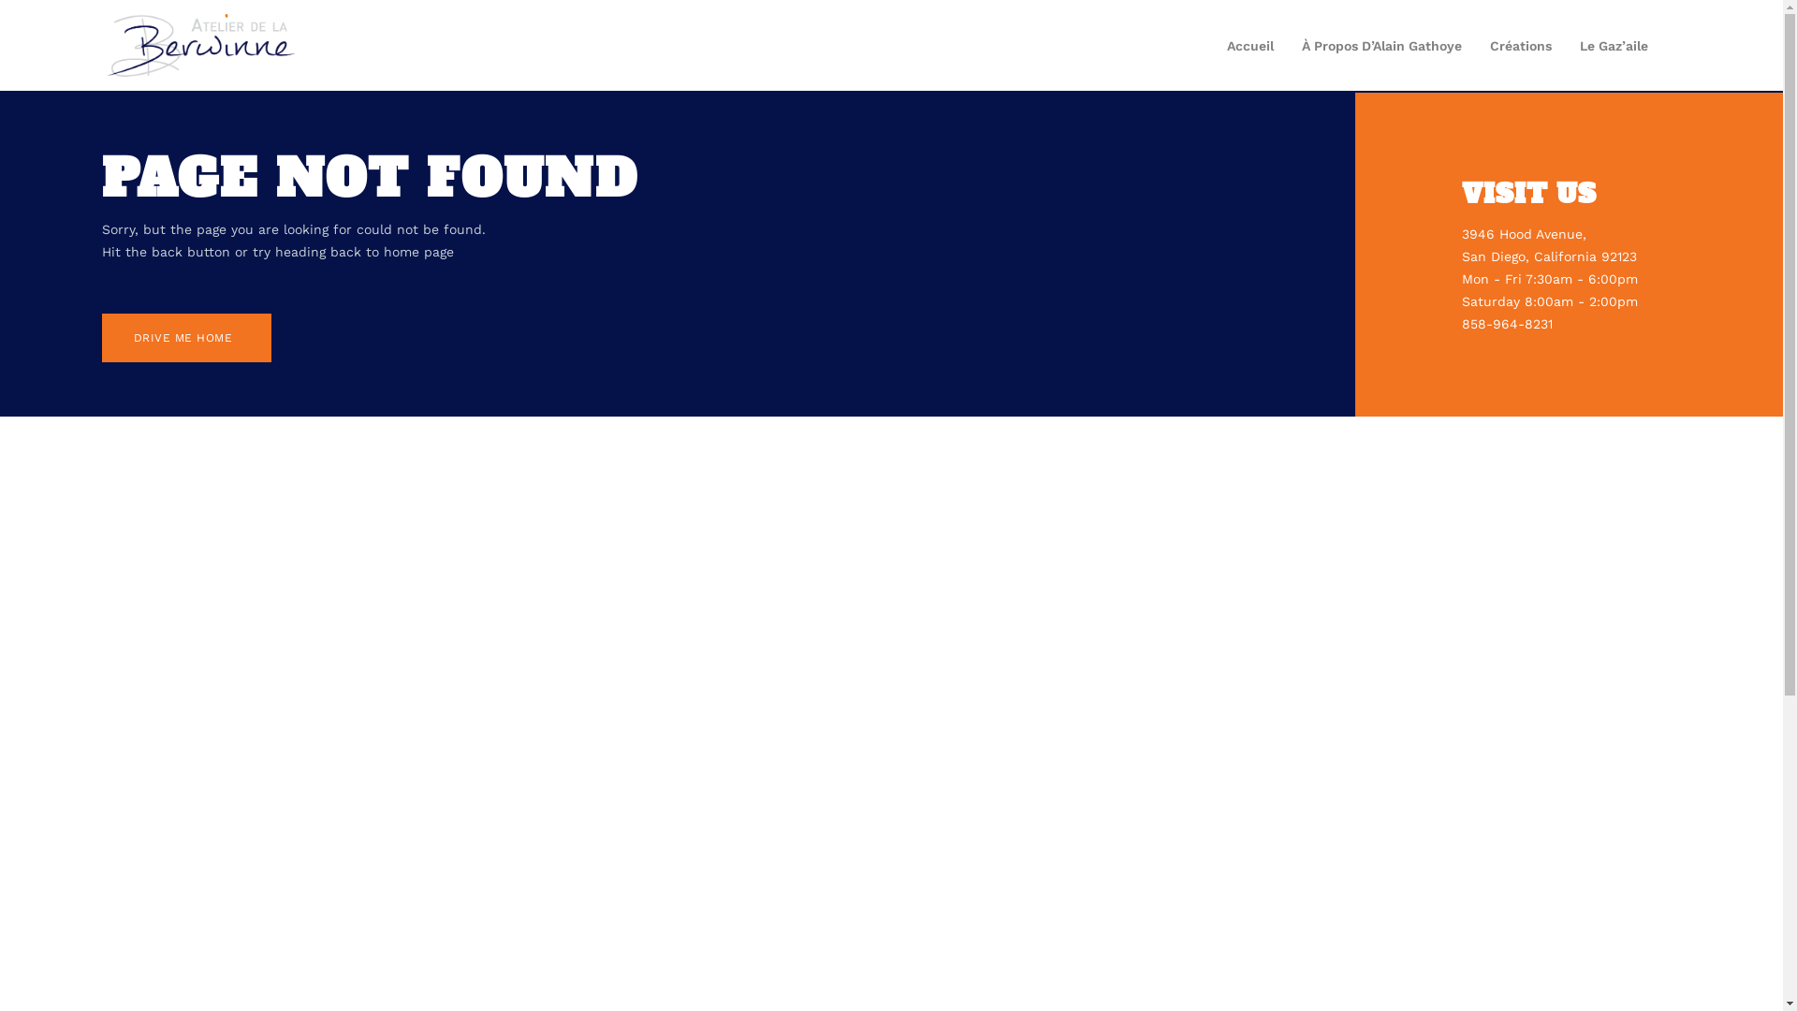 This screenshot has width=1797, height=1011. Describe the element at coordinates (187, 338) in the screenshot. I see `'DRIVE ME HOME'` at that location.